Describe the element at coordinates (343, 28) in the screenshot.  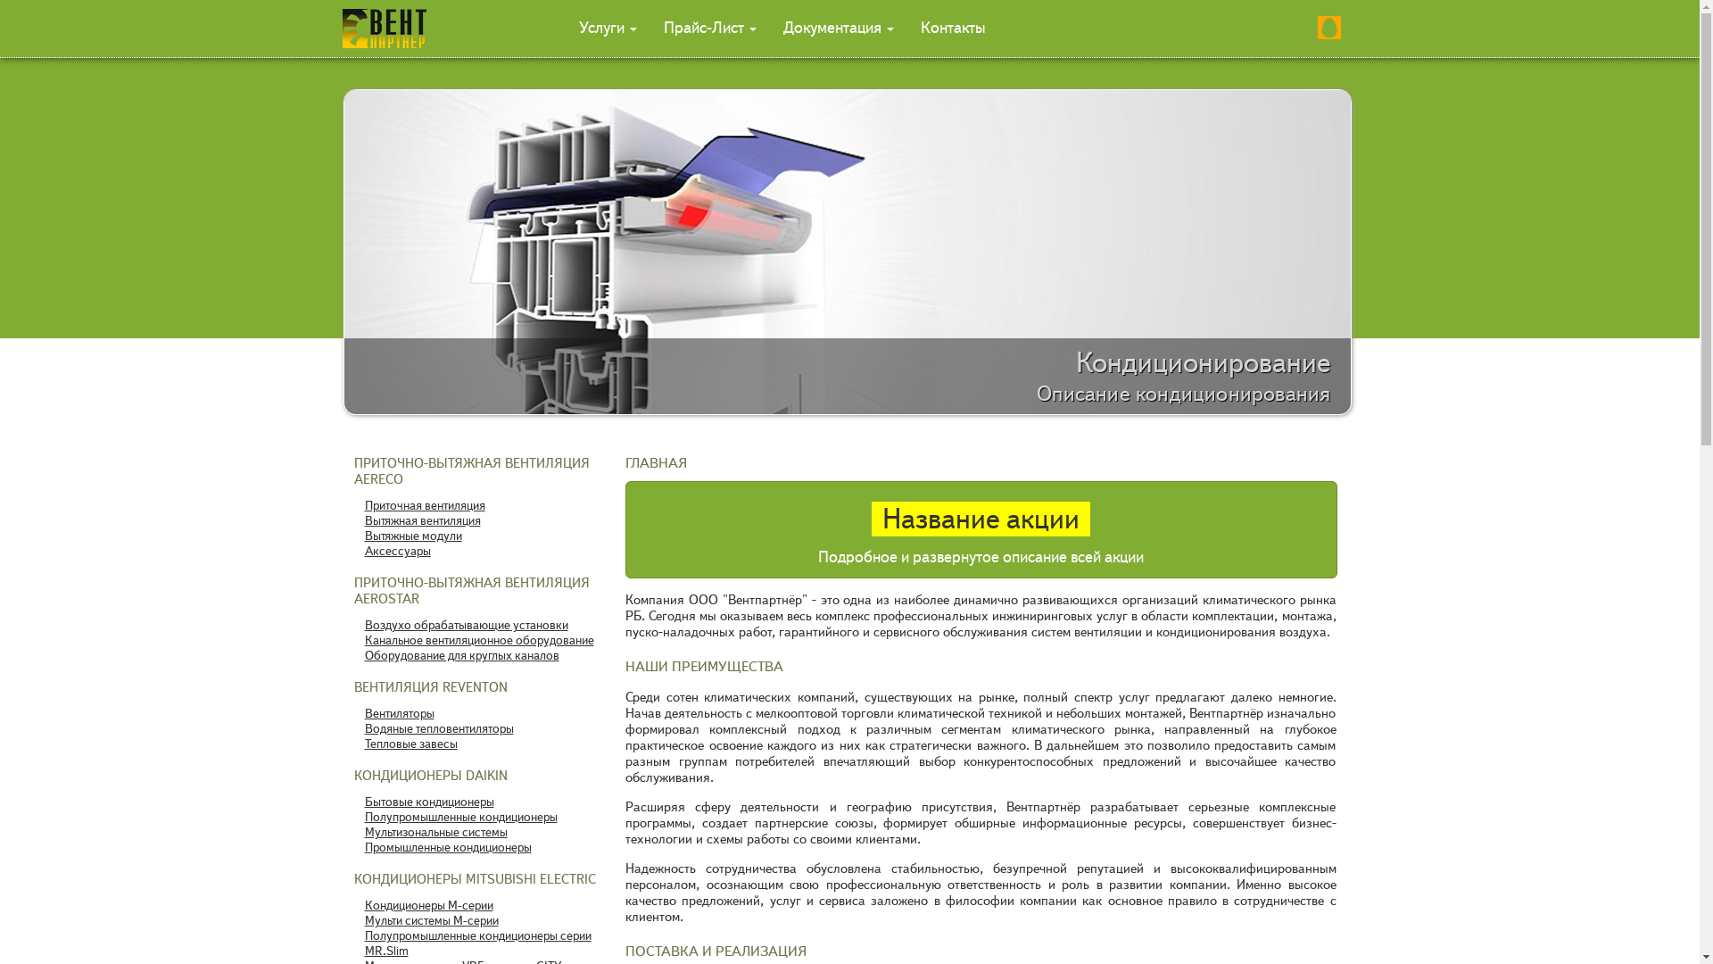
I see `'http://ventpartner.by'` at that location.